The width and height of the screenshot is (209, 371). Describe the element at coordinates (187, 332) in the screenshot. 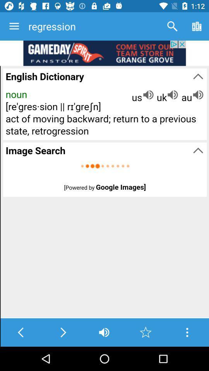

I see `customize` at that location.